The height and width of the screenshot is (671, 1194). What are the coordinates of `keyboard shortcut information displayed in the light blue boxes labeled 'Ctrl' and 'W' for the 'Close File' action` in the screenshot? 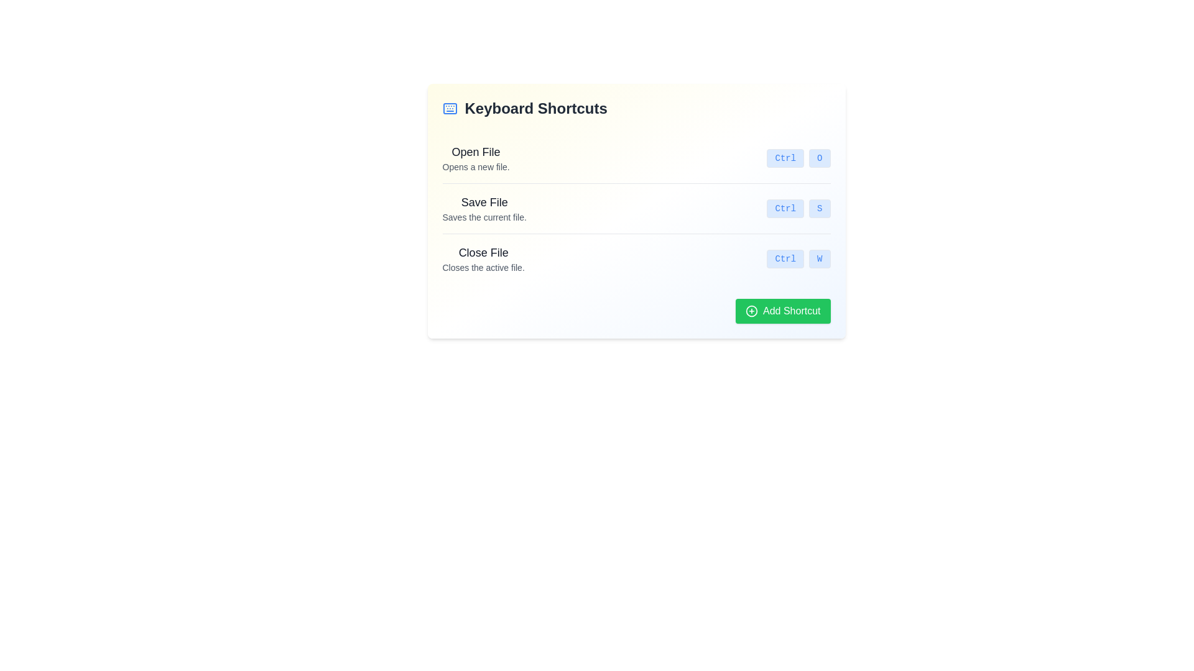 It's located at (798, 258).